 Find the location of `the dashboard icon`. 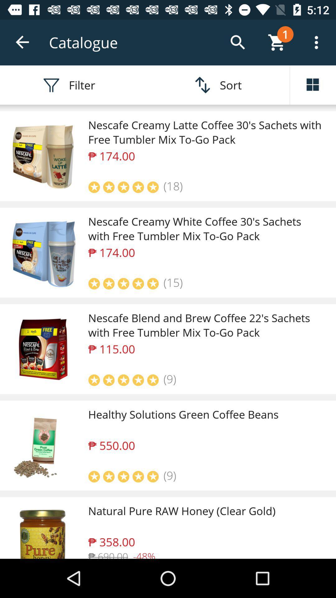

the dashboard icon is located at coordinates (313, 85).